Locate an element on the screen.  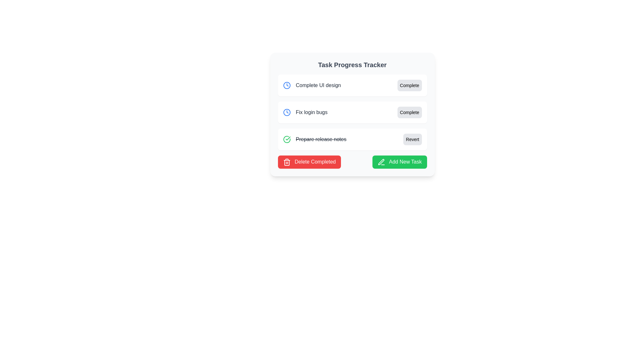
the delete button located in the bottom-left corner of the task management interface is located at coordinates (309, 162).